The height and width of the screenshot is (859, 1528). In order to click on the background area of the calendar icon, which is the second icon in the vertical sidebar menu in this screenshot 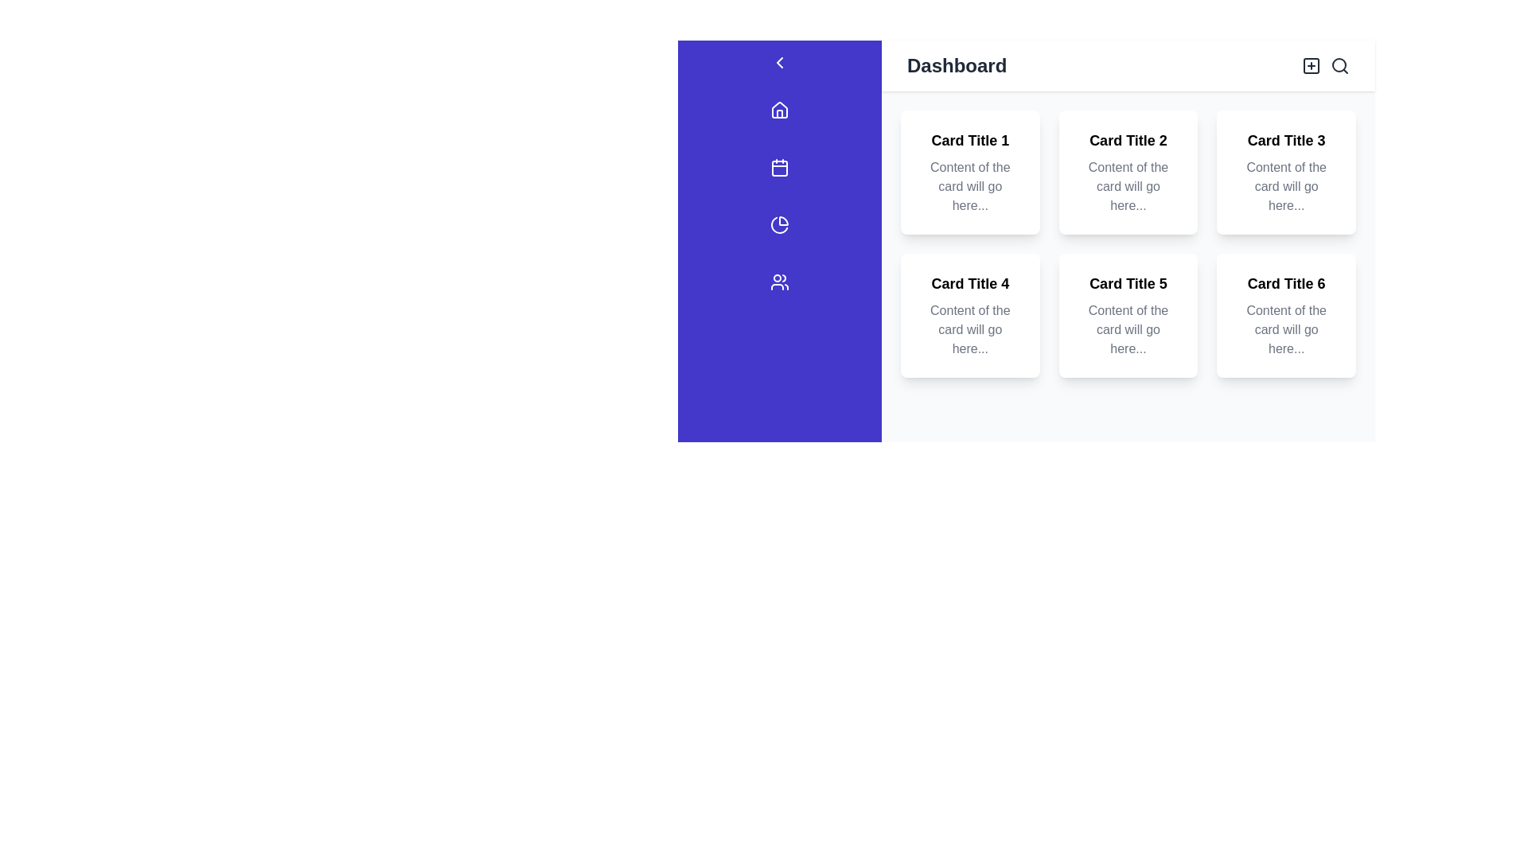, I will do `click(779, 169)`.